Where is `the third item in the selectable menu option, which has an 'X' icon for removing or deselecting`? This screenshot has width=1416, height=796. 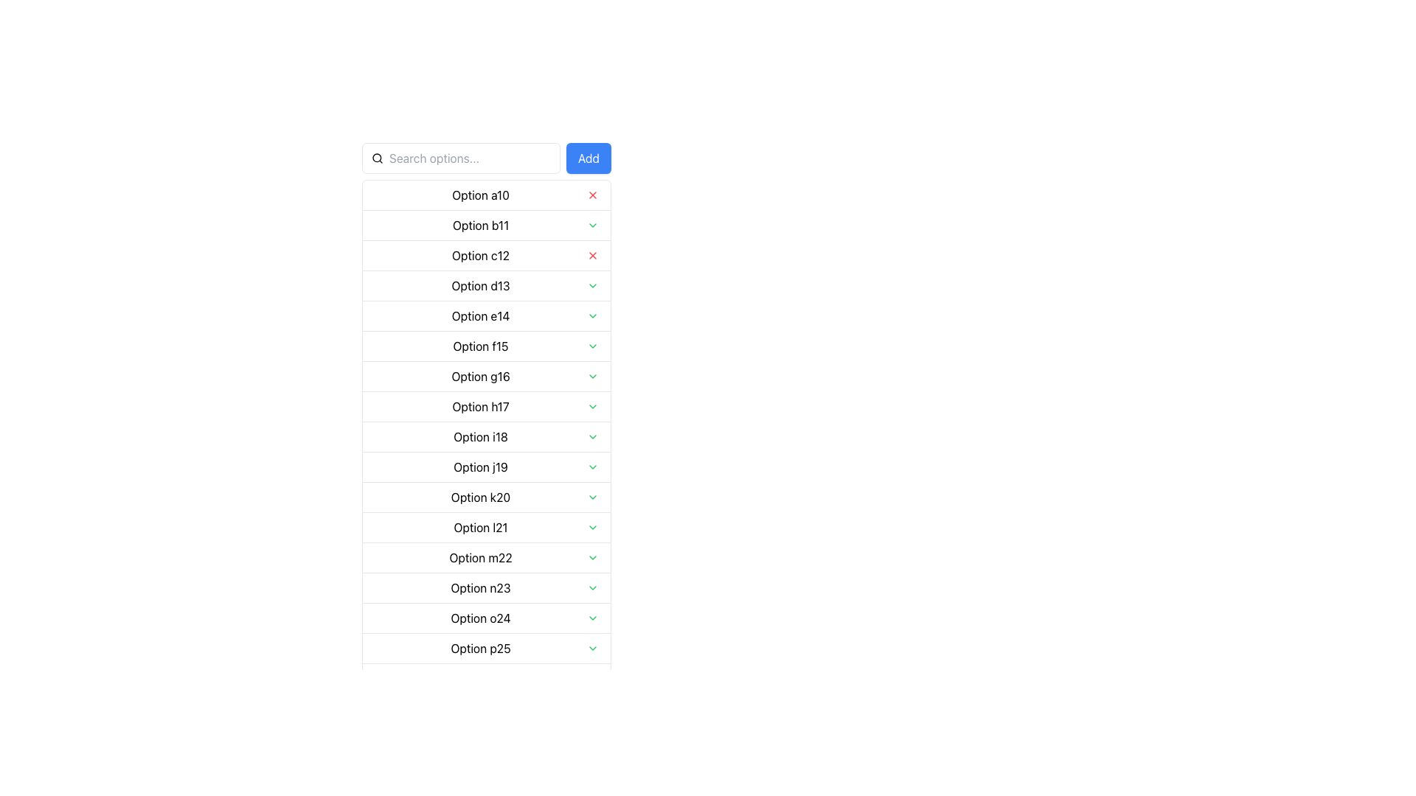
the third item in the selectable menu option, which has an 'X' icon for removing or deselecting is located at coordinates (487, 254).